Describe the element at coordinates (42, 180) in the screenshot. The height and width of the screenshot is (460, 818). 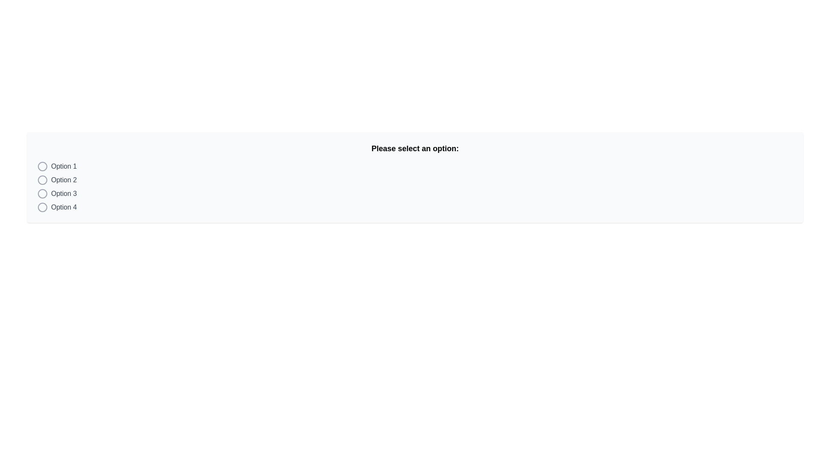
I see `the radio button for 'Option 2'` at that location.